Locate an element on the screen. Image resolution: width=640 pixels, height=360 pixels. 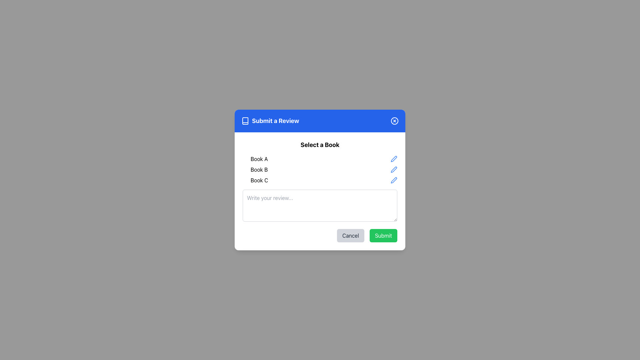
the edit button (pen icon) located to the right of the row labeled 'Book A' to initiate editing of its details is located at coordinates (394, 159).